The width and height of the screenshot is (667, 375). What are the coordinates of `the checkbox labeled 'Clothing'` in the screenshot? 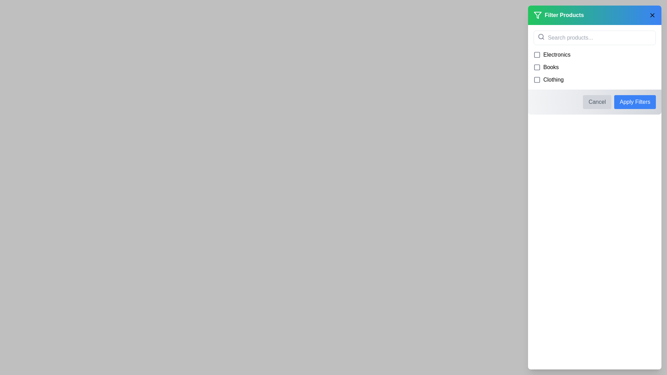 It's located at (594, 80).